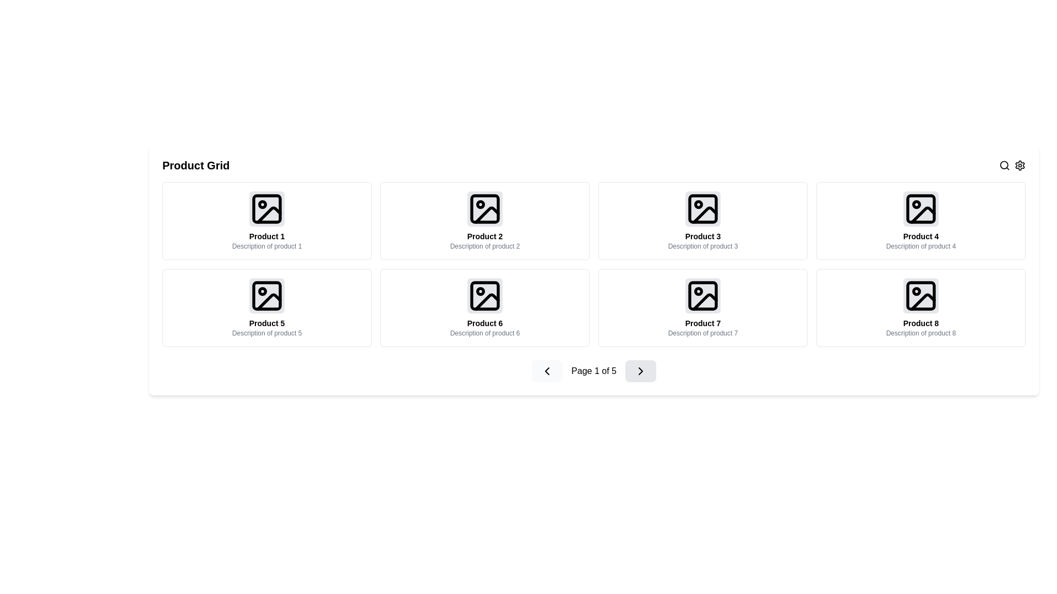  Describe the element at coordinates (921, 295) in the screenshot. I see `the picture frame icon in the 'Product 8' card located in the fourth column of the second row to initiate an interaction related to 'Product 8'` at that location.